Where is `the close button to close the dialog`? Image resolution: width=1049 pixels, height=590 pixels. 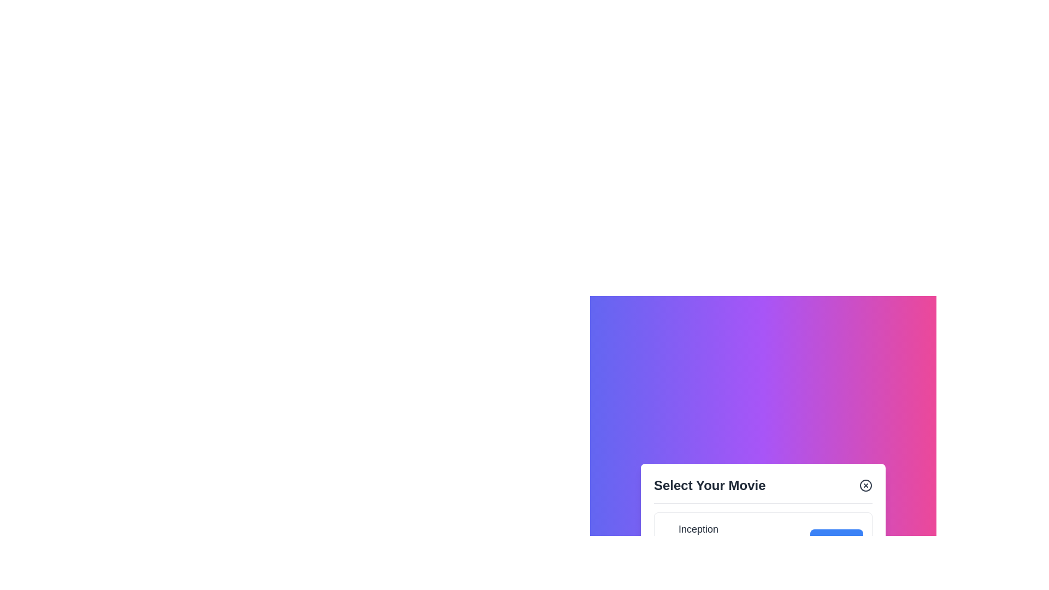 the close button to close the dialog is located at coordinates (865, 485).